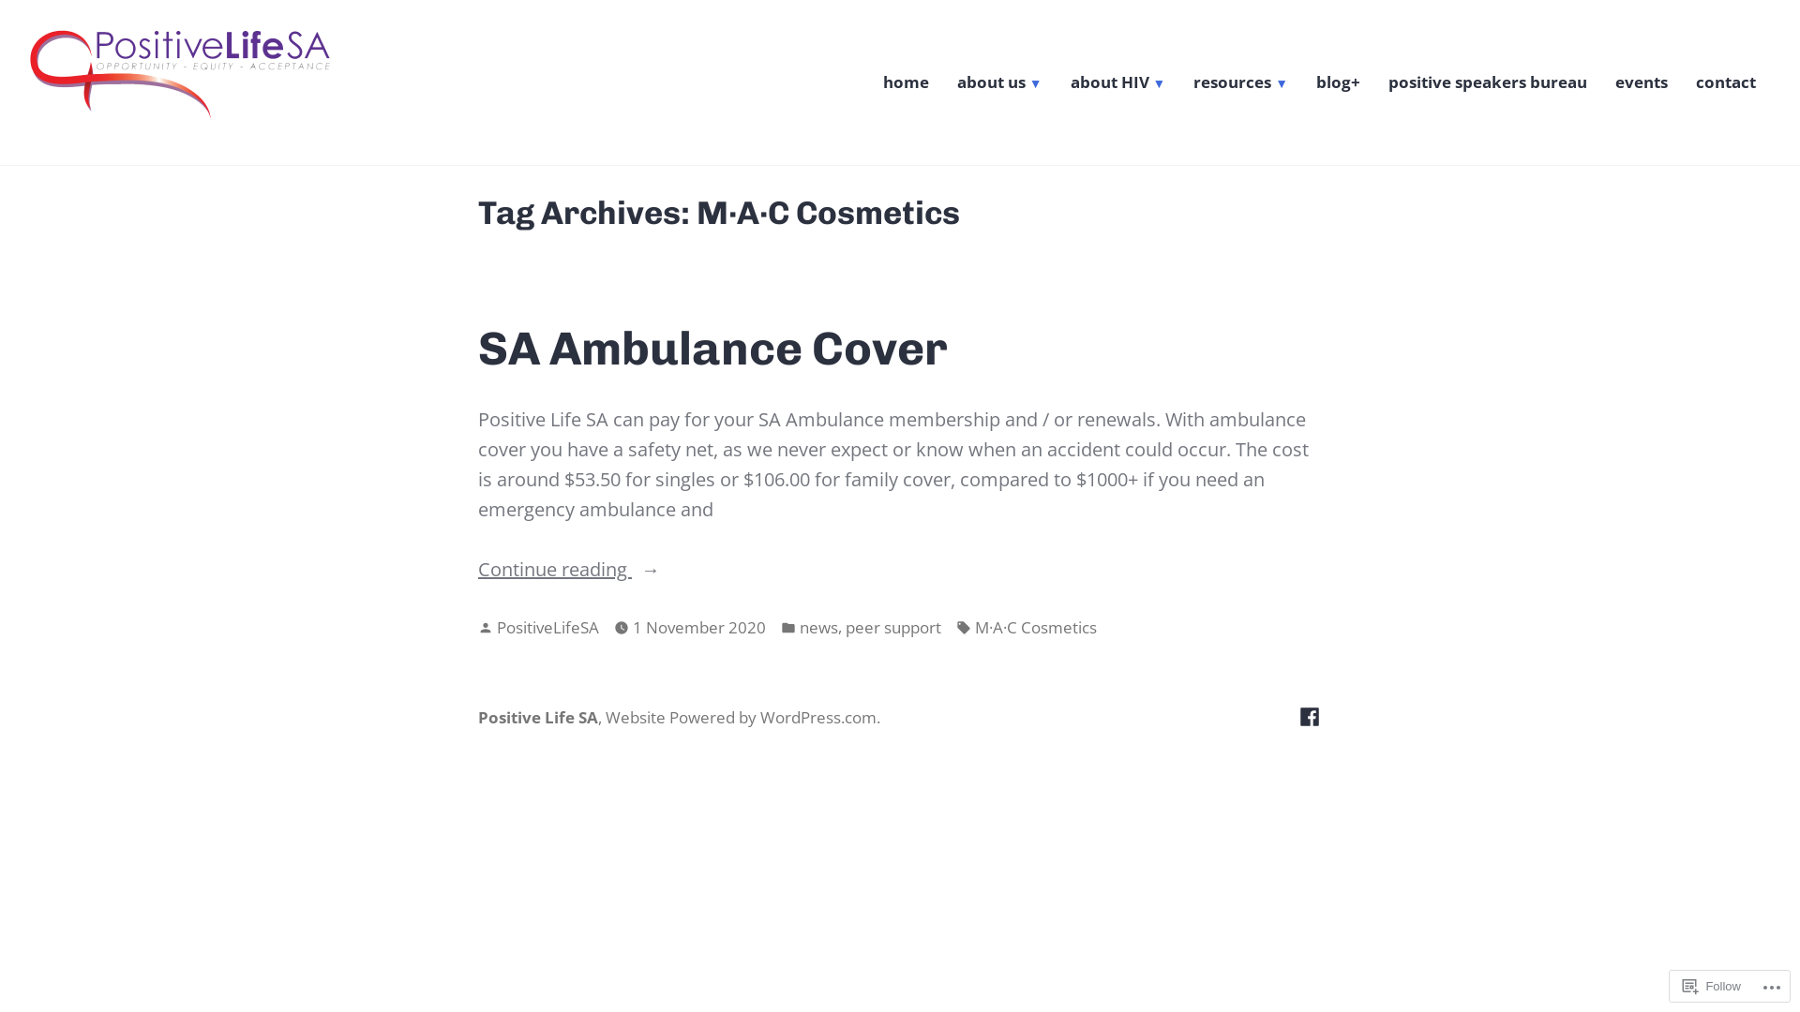  Describe the element at coordinates (740, 717) in the screenshot. I see `'Website Powered by WordPress.com'` at that location.